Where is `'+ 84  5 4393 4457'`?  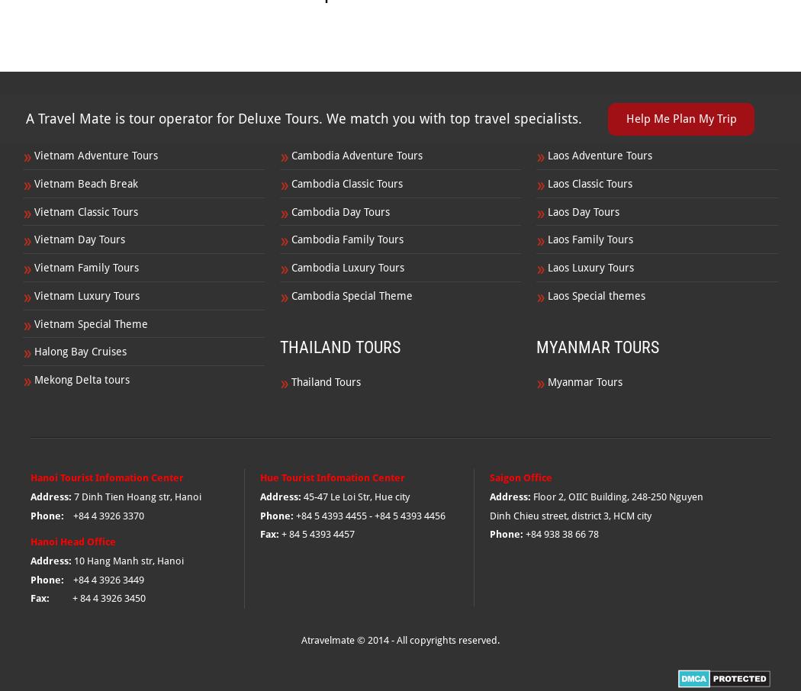 '+ 84  5 4393 4457' is located at coordinates (317, 534).